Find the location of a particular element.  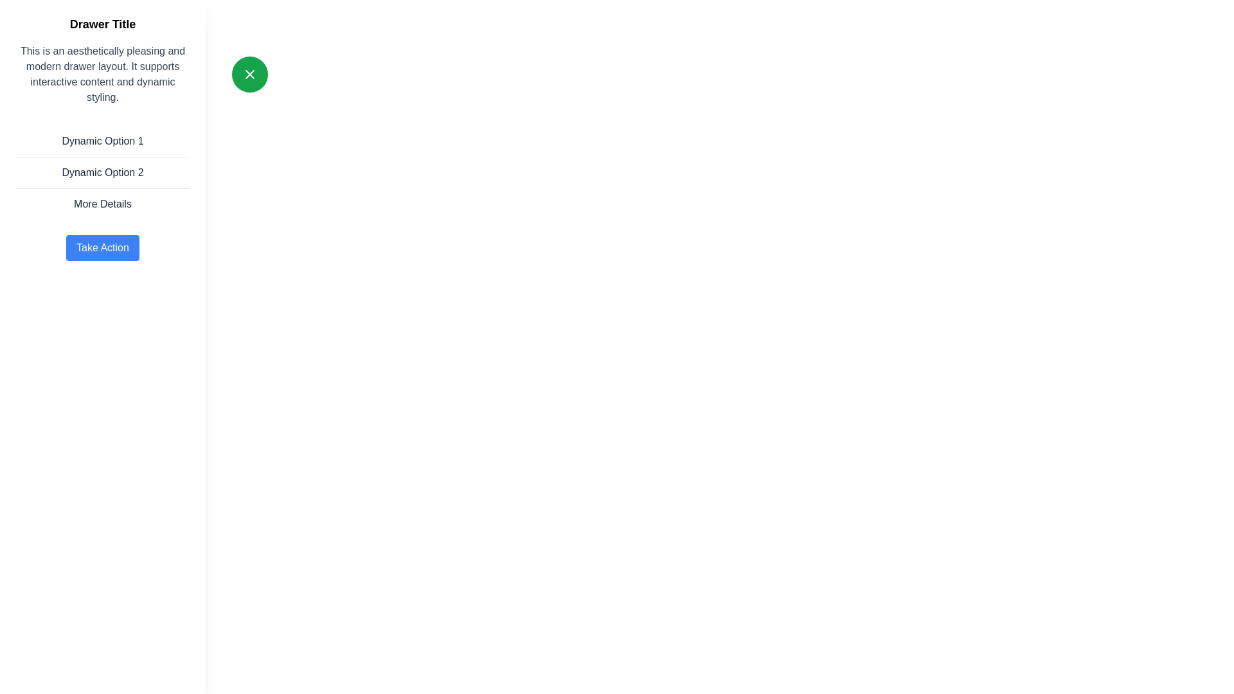

the green button to toggle the drawer is located at coordinates (249, 74).